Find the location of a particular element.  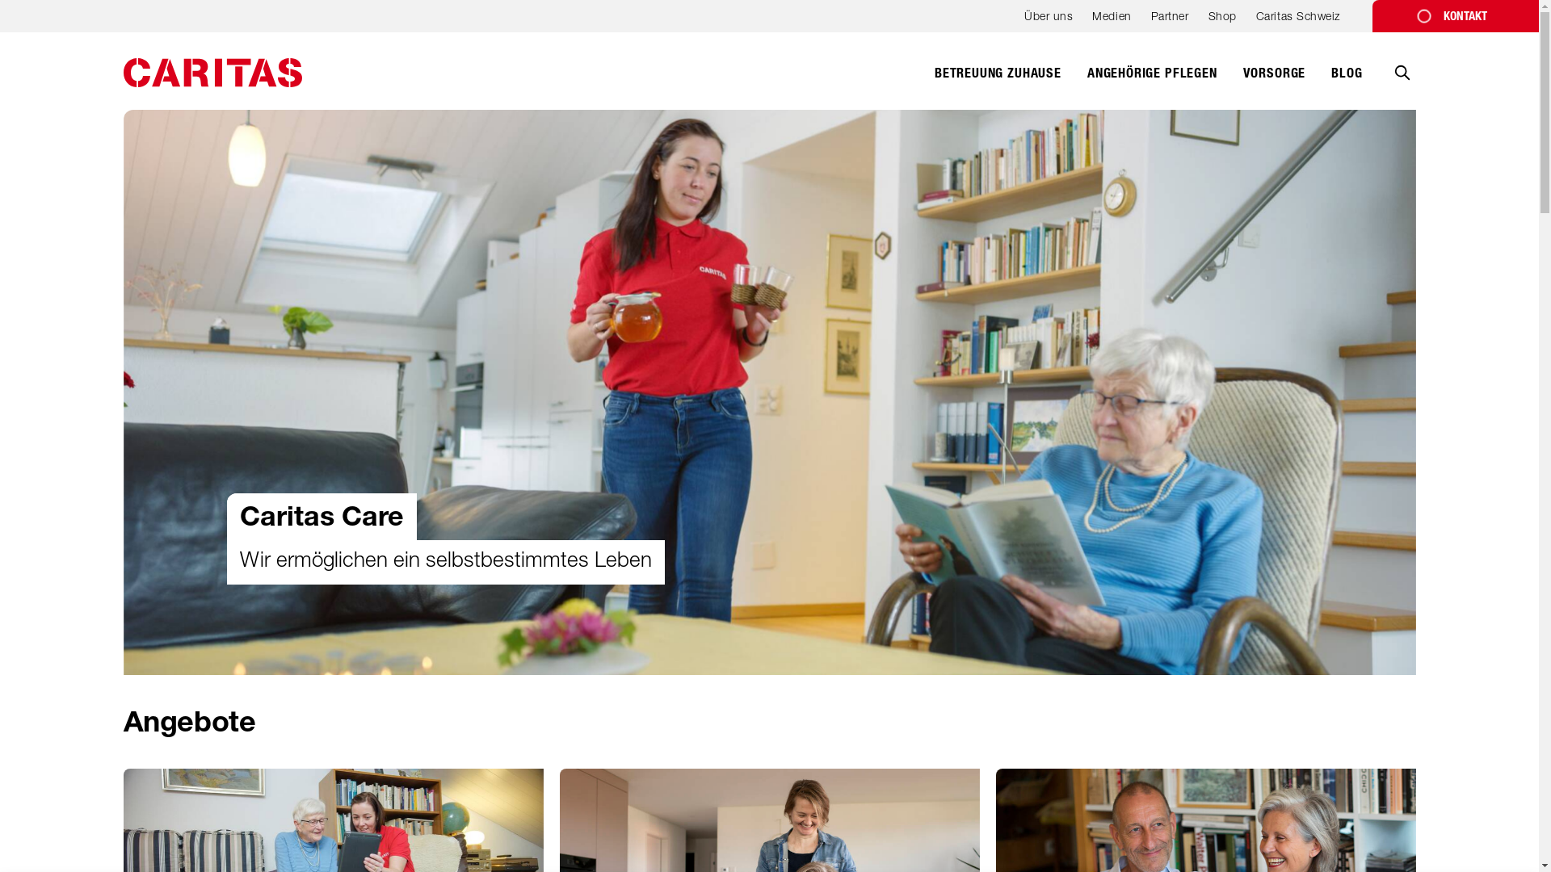

'KONTAKT' is located at coordinates (1455, 15).